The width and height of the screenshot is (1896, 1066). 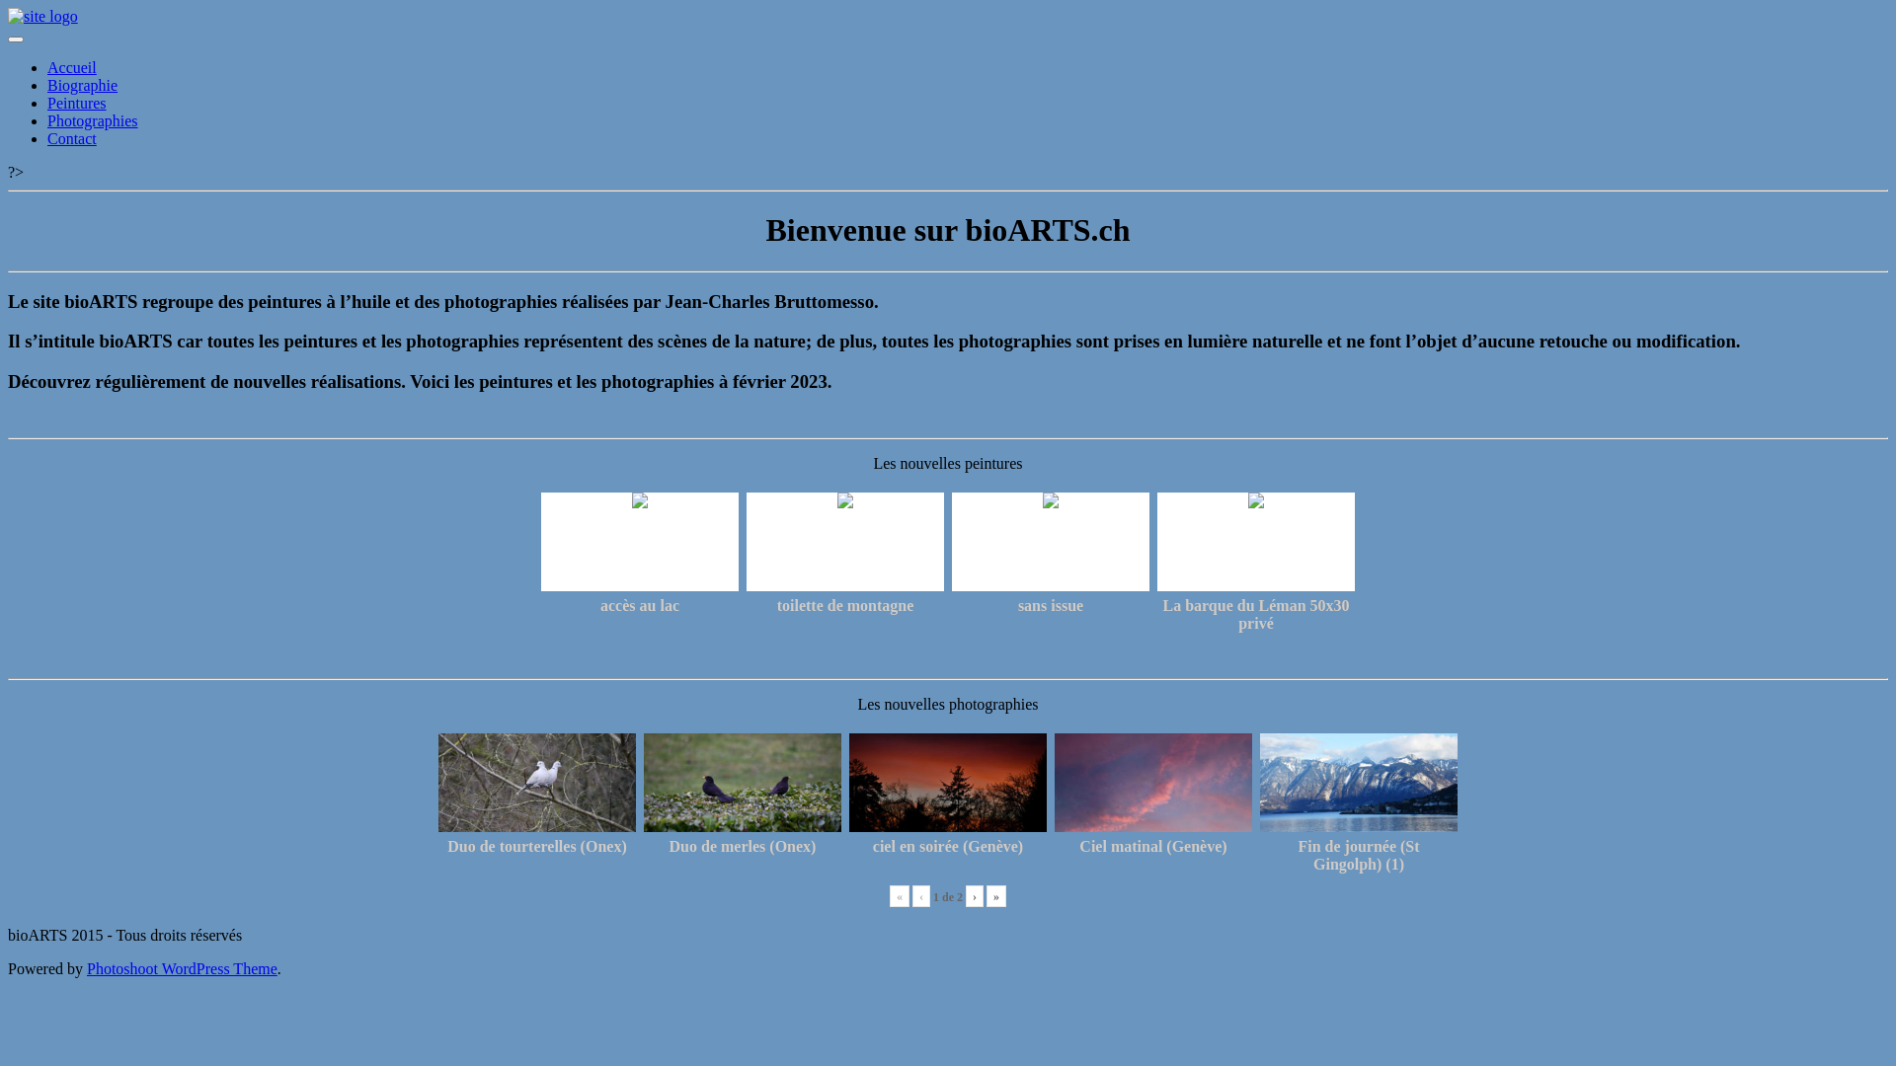 What do you see at coordinates (71, 137) in the screenshot?
I see `'Contact'` at bounding box center [71, 137].